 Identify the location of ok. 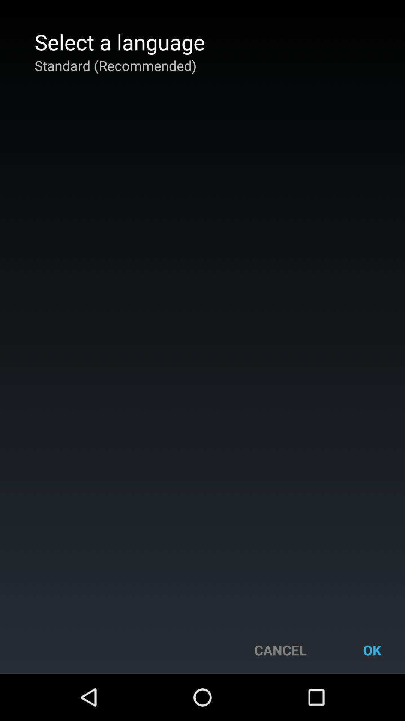
(372, 650).